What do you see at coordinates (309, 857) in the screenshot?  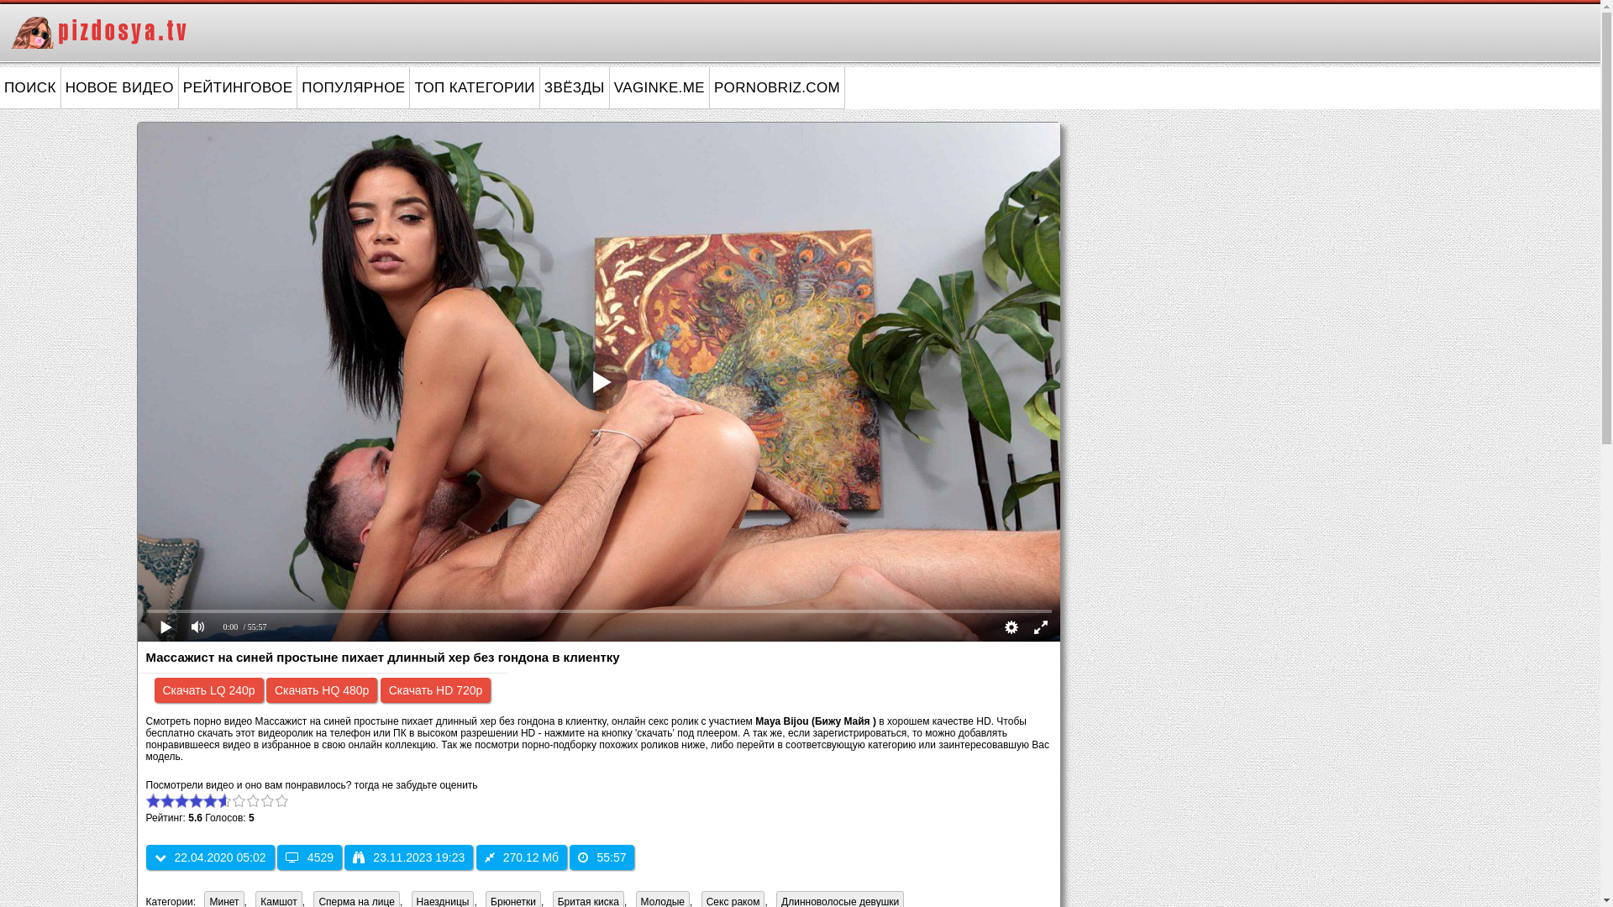 I see `'4529'` at bounding box center [309, 857].